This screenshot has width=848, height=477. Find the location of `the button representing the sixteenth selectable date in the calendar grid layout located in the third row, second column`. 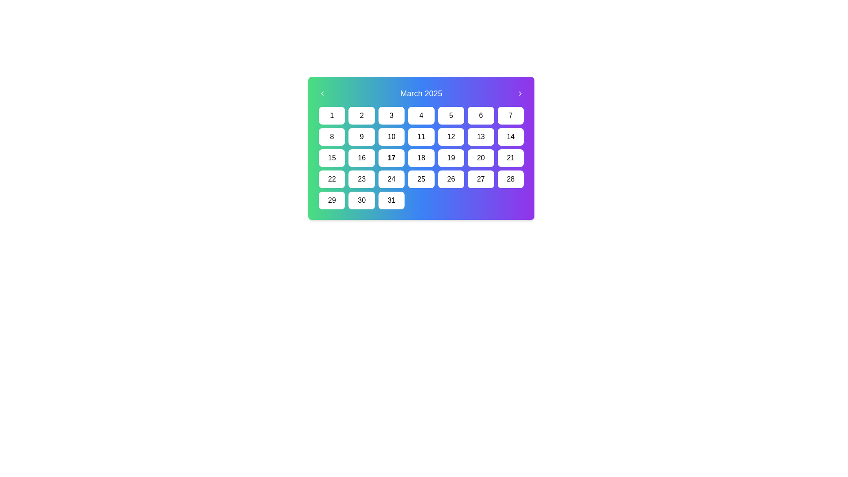

the button representing the sixteenth selectable date in the calendar grid layout located in the third row, second column is located at coordinates (362, 158).